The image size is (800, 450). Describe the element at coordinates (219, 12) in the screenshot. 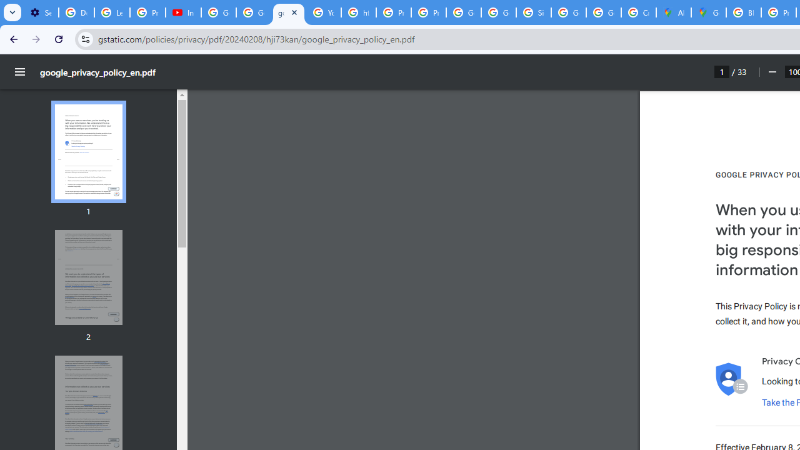

I see `'Google Account Help'` at that location.